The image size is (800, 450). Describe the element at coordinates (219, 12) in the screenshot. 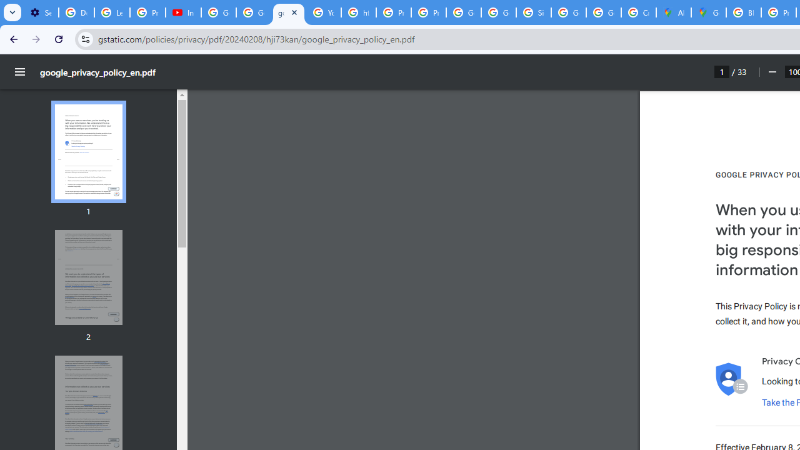

I see `'Google Account Help'` at that location.